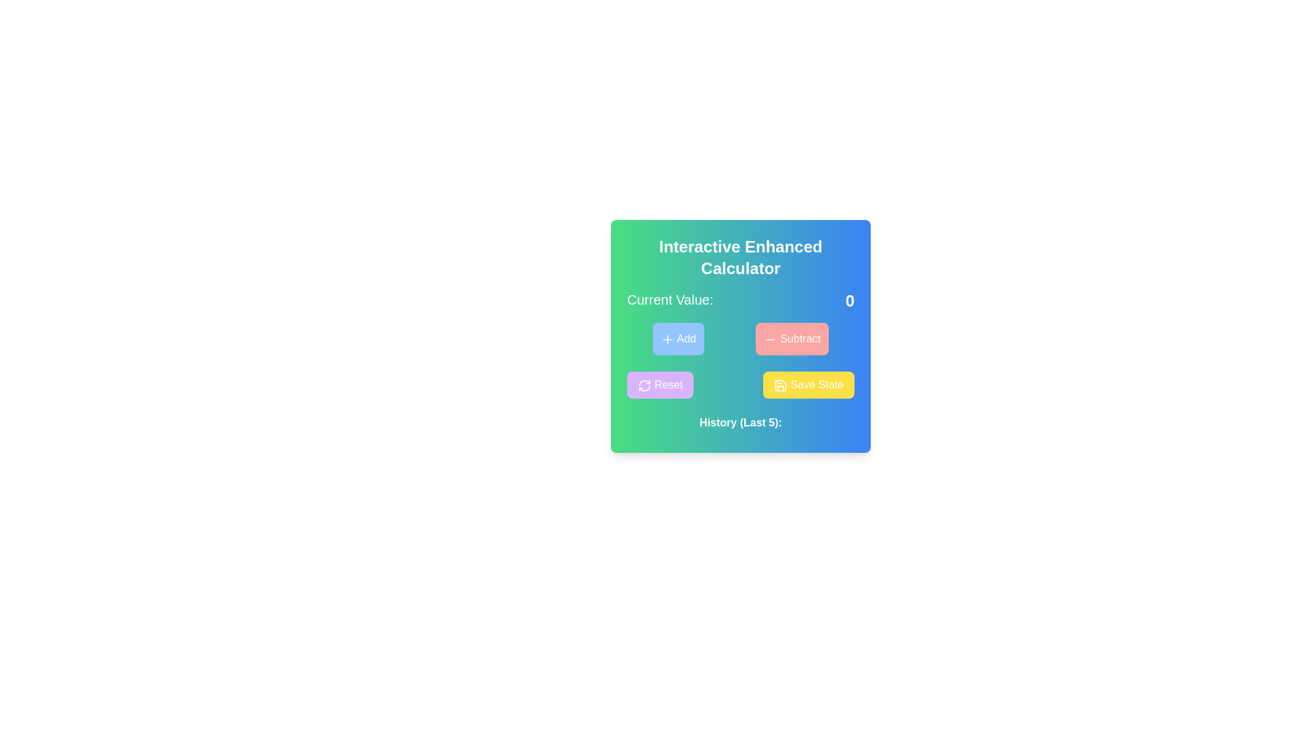 The image size is (1299, 731). What do you see at coordinates (679, 338) in the screenshot?
I see `the leftmost button in the horizontal layout, which increments the current value displayed above when clicked` at bounding box center [679, 338].